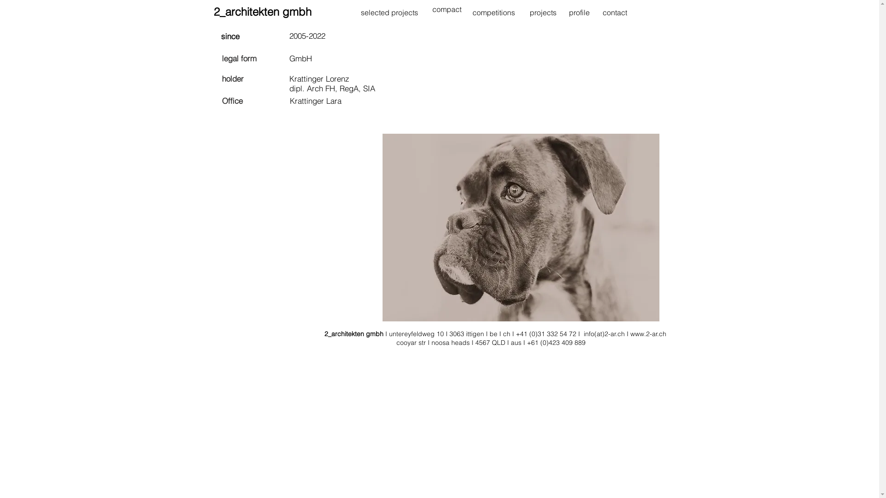  I want to click on 'compact', so click(446, 9).